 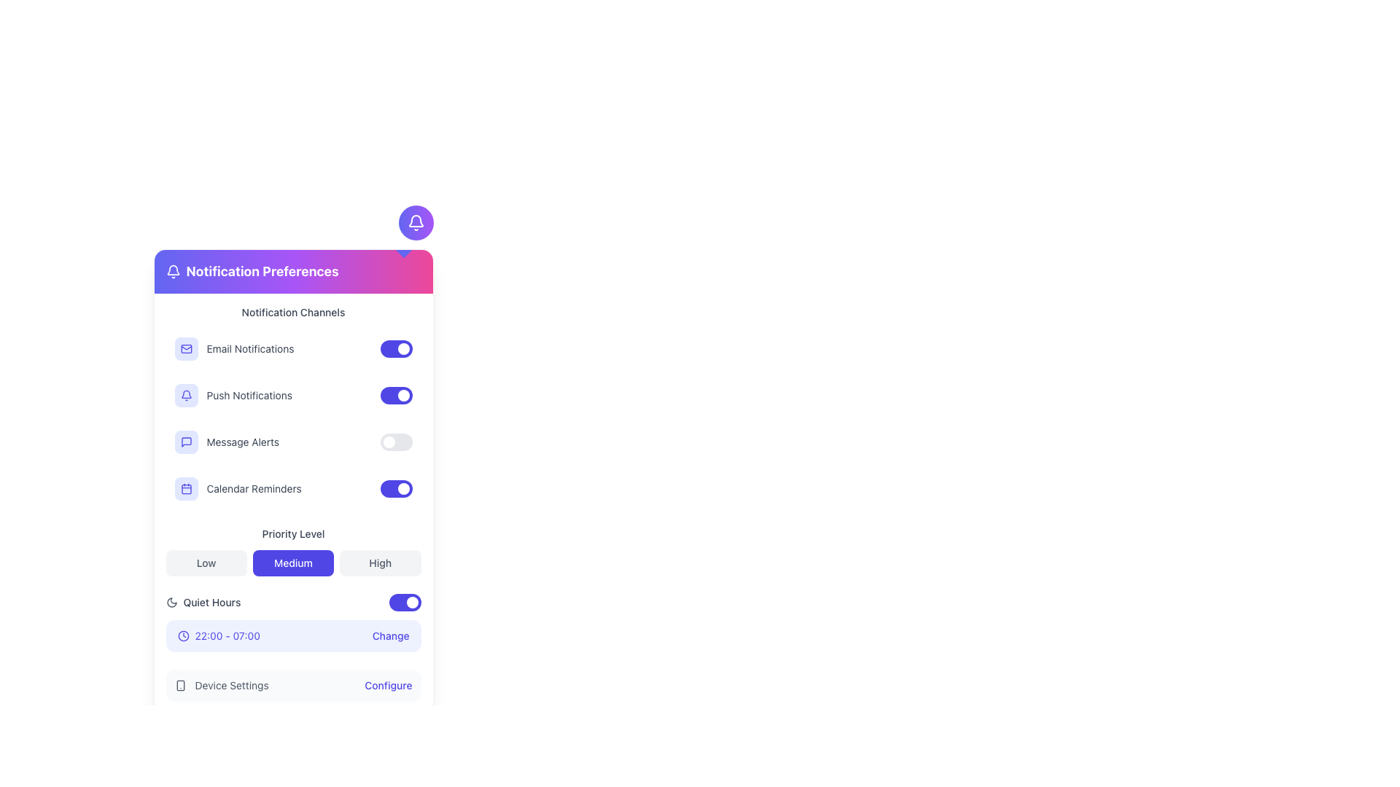 I want to click on the speech bubble icon with a blue outline and transparent interior, located in the 'Message Alerts' row of the 'Notification Channels' section in the 'Notification Preferences' panel, so click(x=185, y=441).